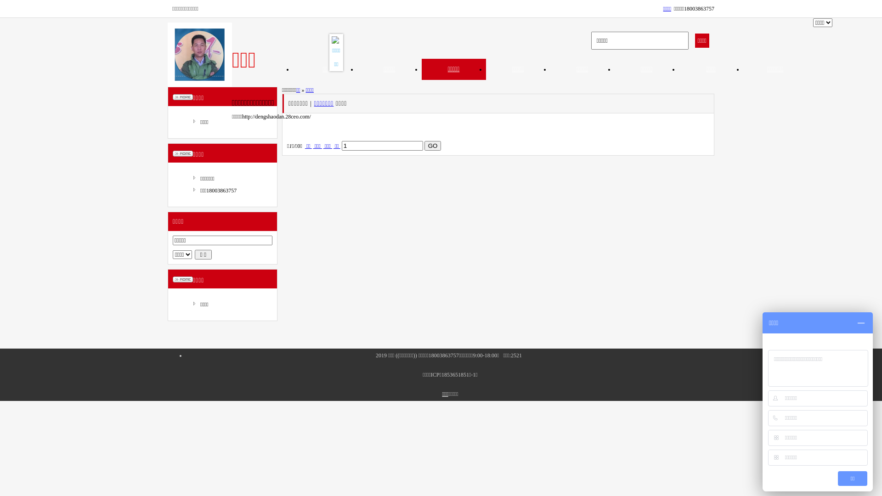  I want to click on 'GO', so click(432, 145).